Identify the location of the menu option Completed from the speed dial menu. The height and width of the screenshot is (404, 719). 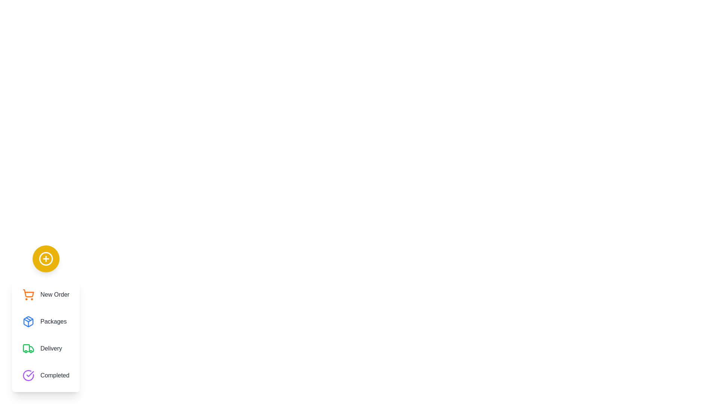
(45, 375).